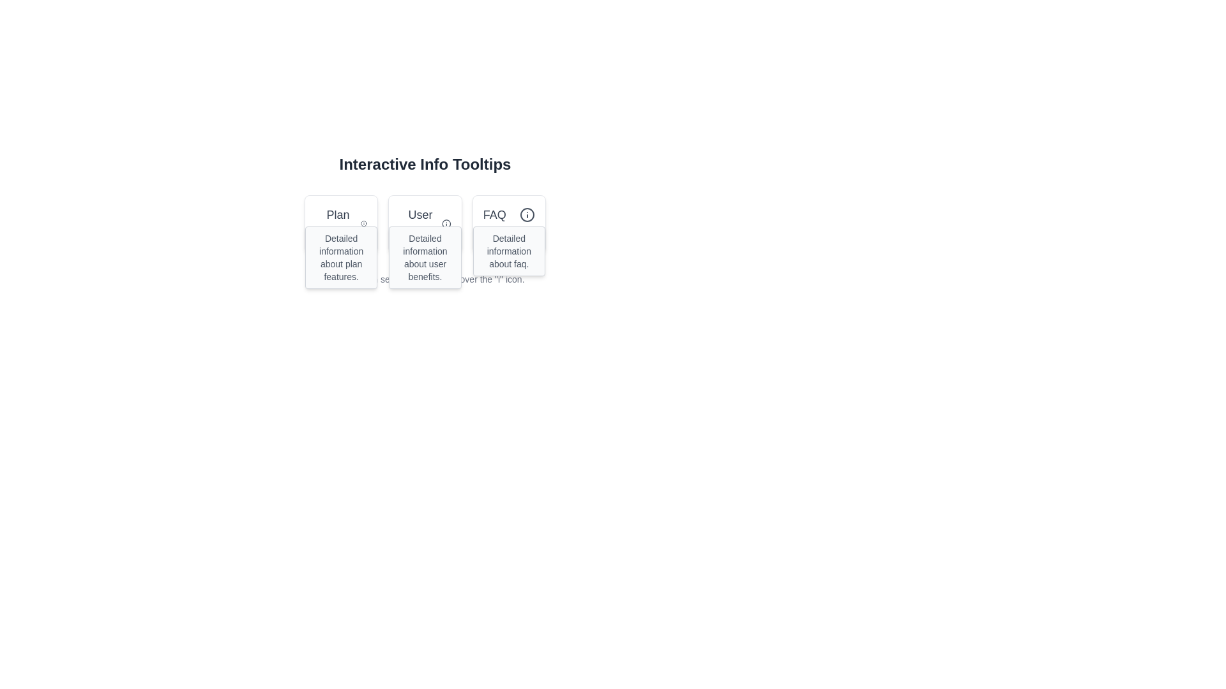 This screenshot has width=1226, height=689. I want to click on the Text Display that provides supplementary explanatory text regarding the 'FAQ' section, located directly below the 'FAQ' header and icon within the third card from the left, so click(508, 251).